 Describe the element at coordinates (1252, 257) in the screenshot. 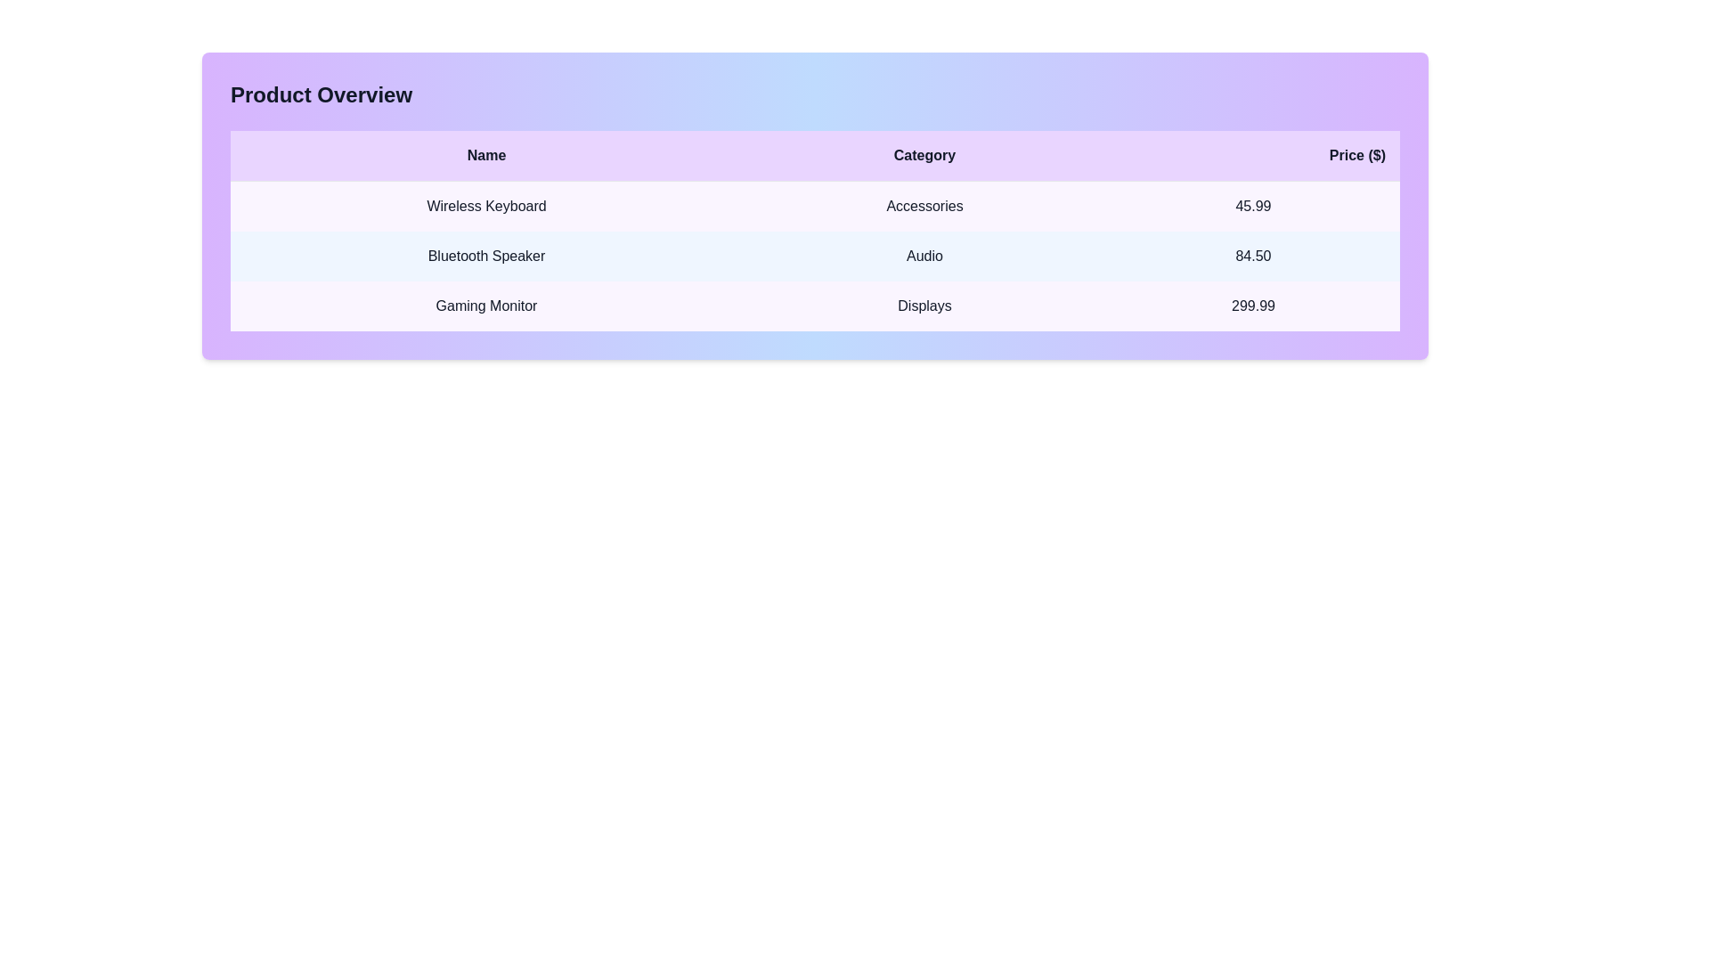

I see `the Text label displaying '84.50' in the 'Price ($)' column` at that location.